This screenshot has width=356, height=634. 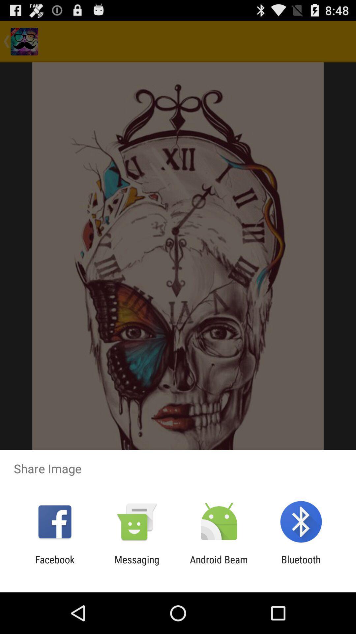 What do you see at coordinates (219, 565) in the screenshot?
I see `the app to the left of bluetooth icon` at bounding box center [219, 565].